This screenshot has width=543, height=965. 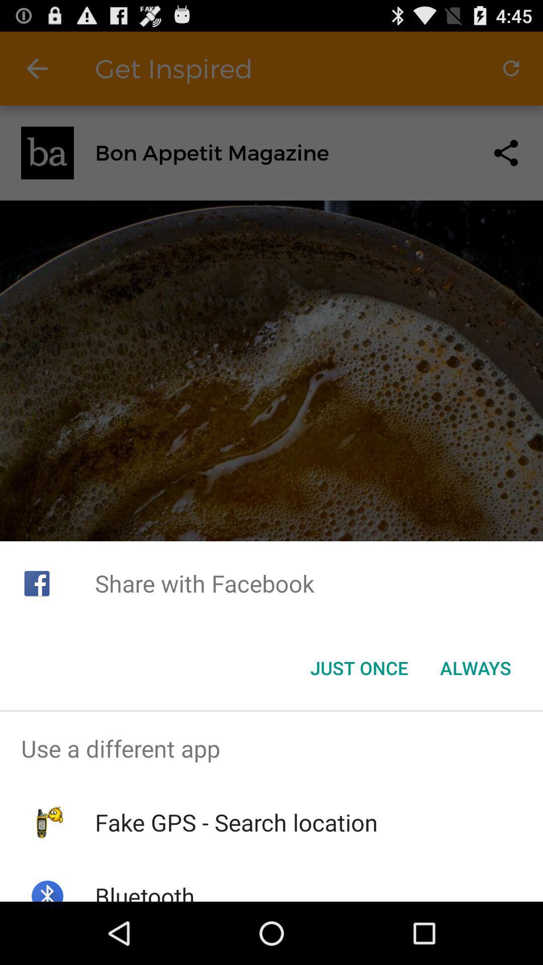 I want to click on the item to the left of always button, so click(x=358, y=668).